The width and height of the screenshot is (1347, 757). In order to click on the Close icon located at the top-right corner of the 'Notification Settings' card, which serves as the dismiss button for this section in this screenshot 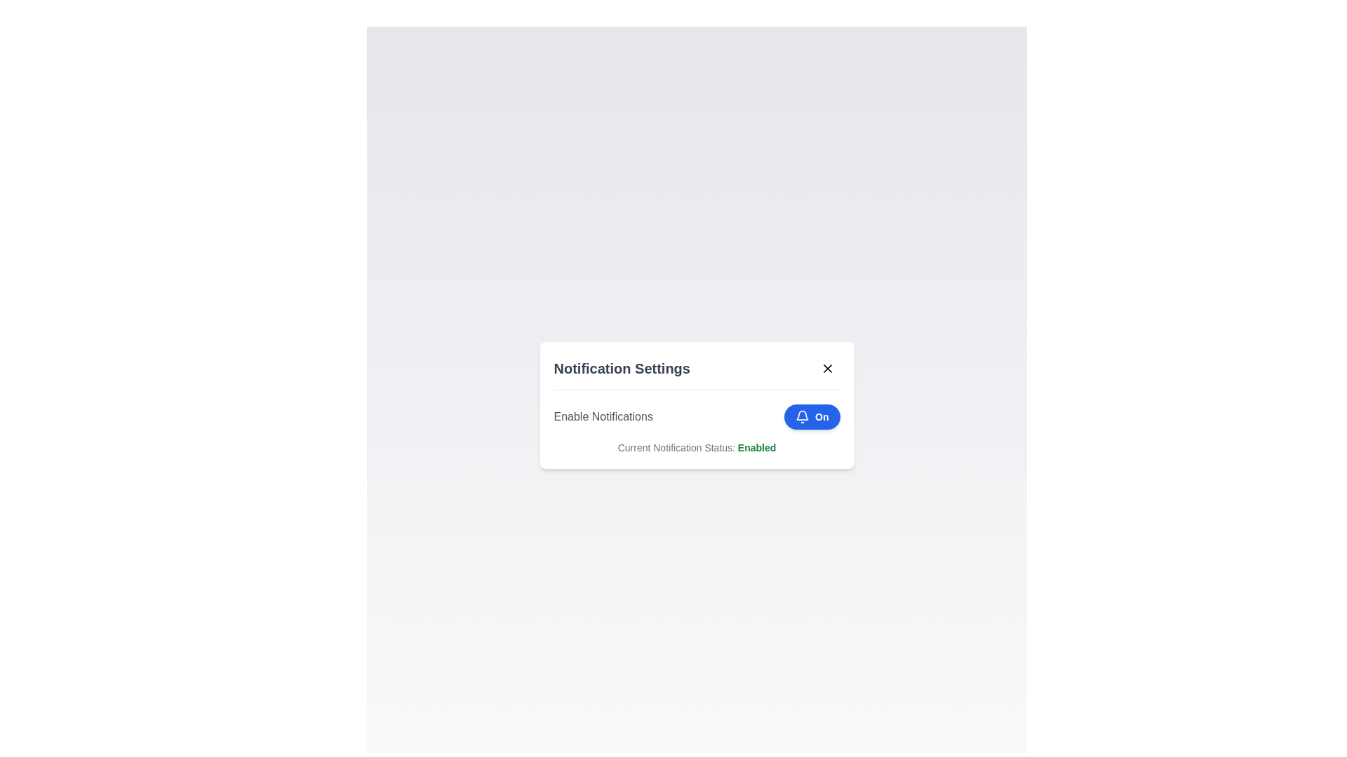, I will do `click(827, 367)`.